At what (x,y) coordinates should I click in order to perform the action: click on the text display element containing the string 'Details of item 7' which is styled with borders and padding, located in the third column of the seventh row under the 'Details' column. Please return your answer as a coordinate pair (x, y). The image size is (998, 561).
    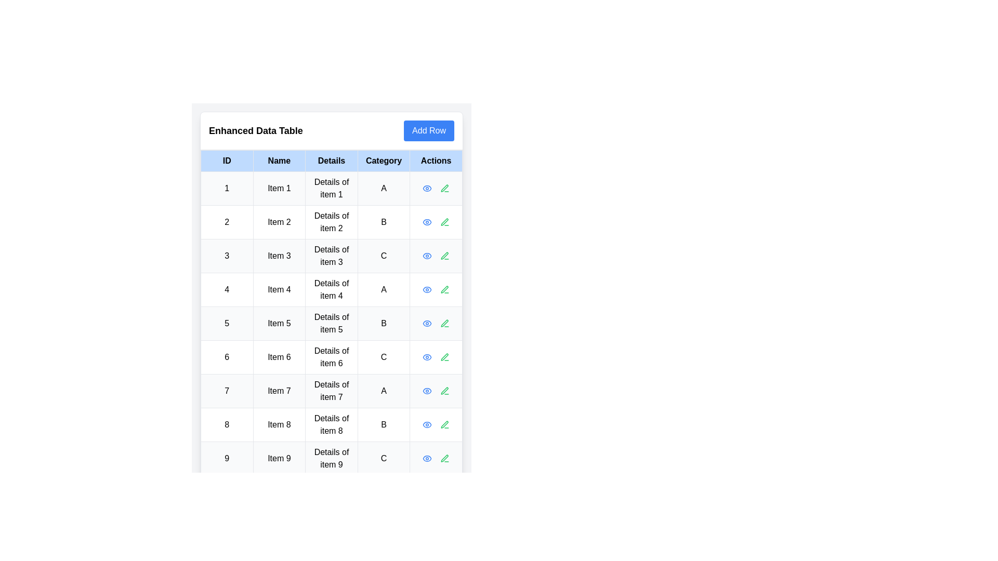
    Looking at the image, I should click on (331, 391).